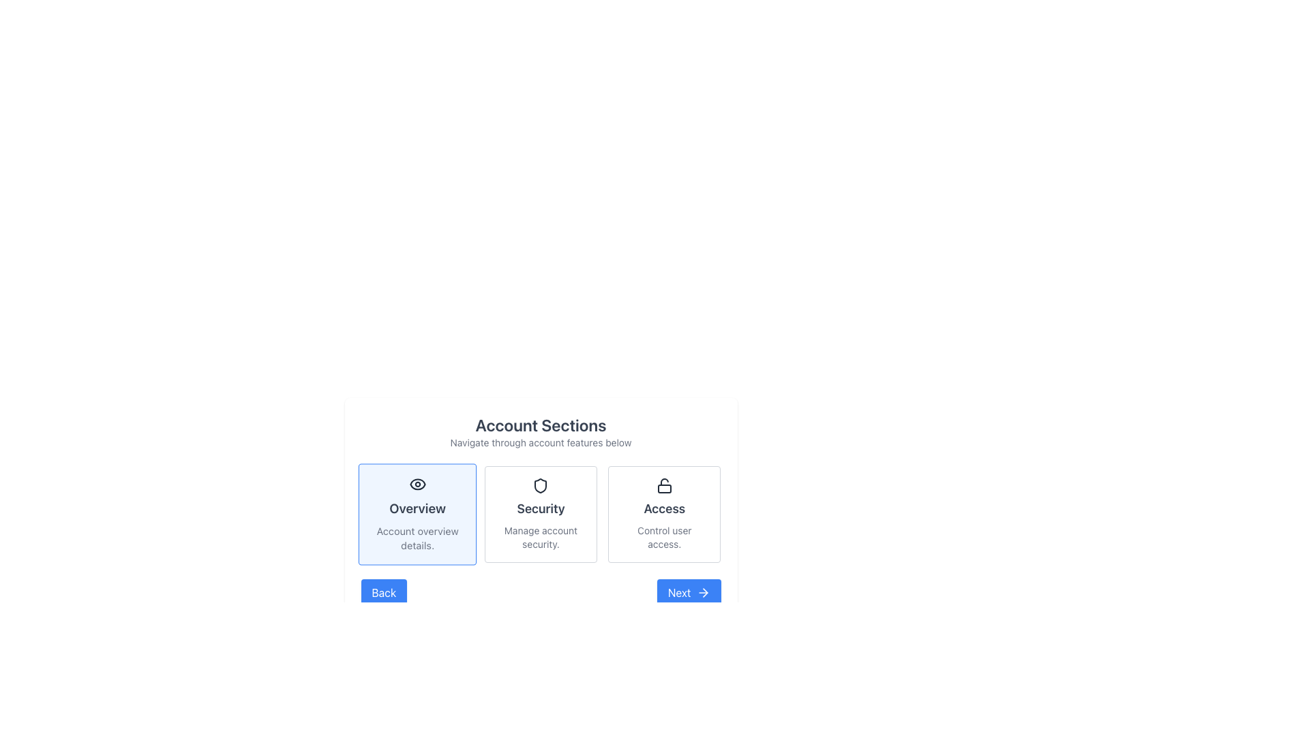  What do you see at coordinates (664, 485) in the screenshot?
I see `the lock icon with an open shackle, outlined in dark gray, located at the top of the 'Access' card, which is the third card in the 'Account Sections' section` at bounding box center [664, 485].